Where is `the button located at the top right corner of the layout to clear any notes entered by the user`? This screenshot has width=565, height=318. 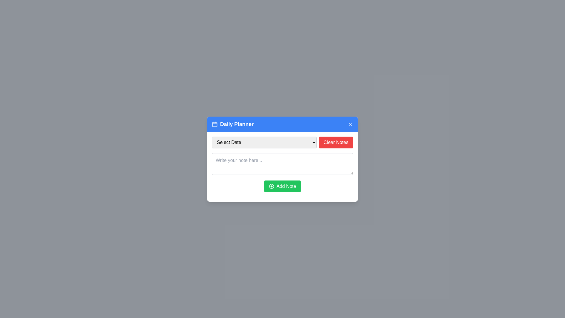
the button located at the top right corner of the layout to clear any notes entered by the user is located at coordinates (336, 142).